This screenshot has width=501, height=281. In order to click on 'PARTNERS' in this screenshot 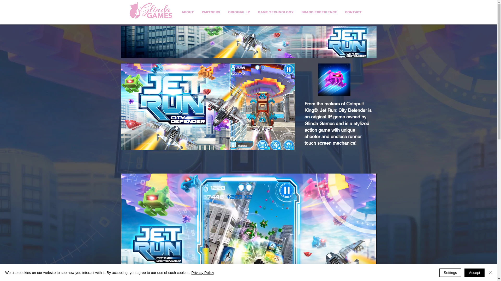, I will do `click(211, 12)`.